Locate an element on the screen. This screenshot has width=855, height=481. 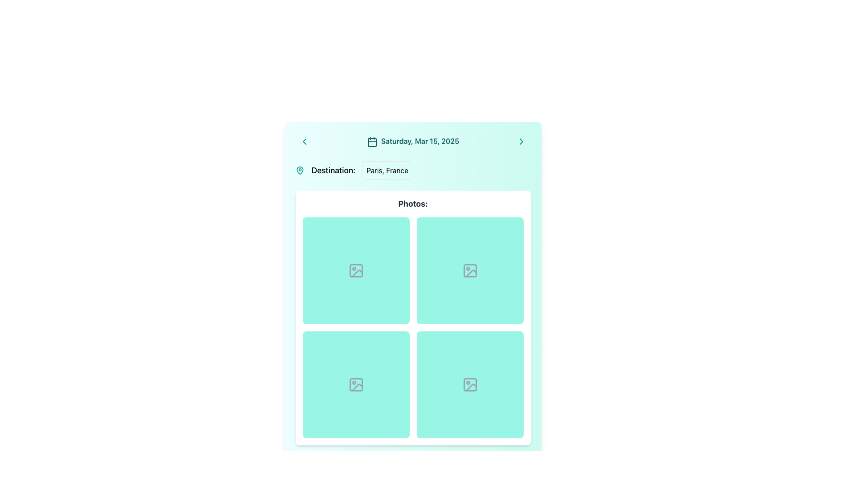
the teal-colored chevron arrow button pointing left, located in the top-left corner of the interface is located at coordinates (304, 141).